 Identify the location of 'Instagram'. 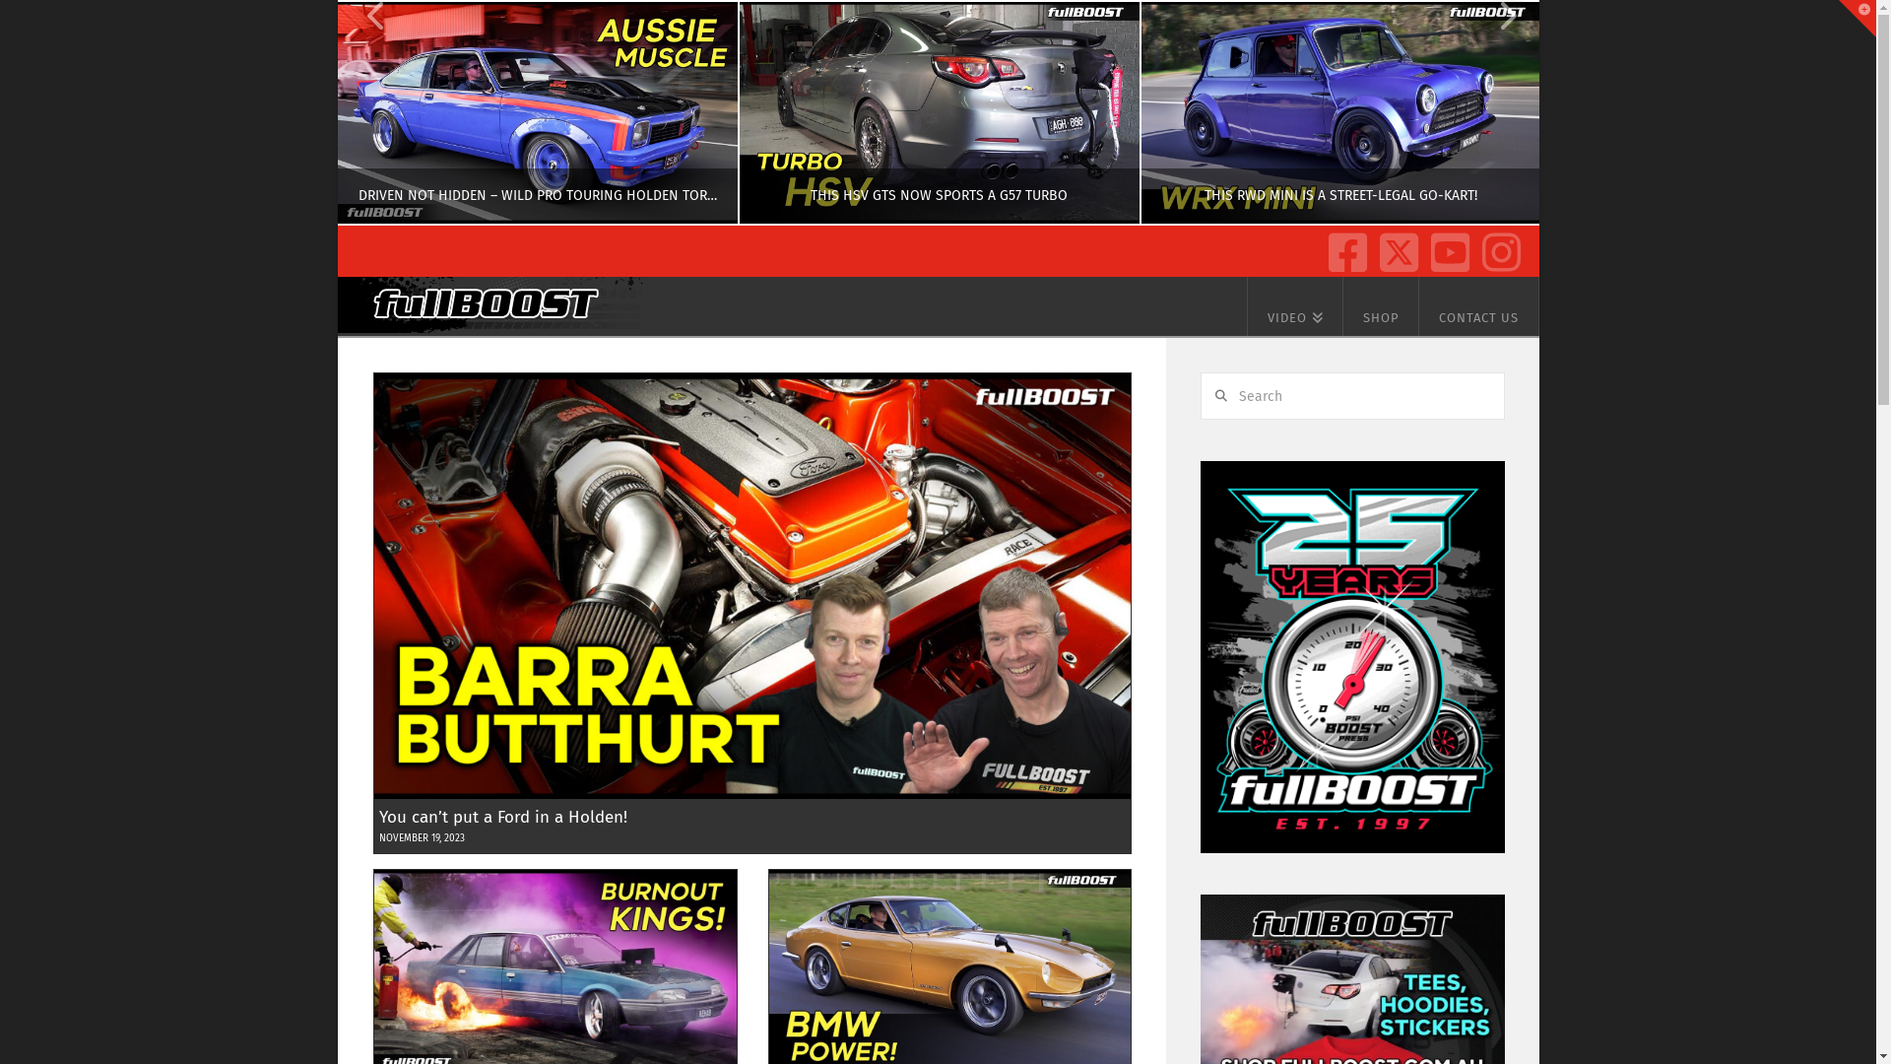
(1497, 245).